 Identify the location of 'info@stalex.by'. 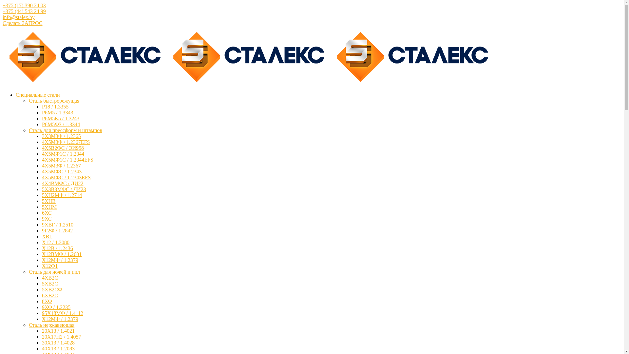
(19, 17).